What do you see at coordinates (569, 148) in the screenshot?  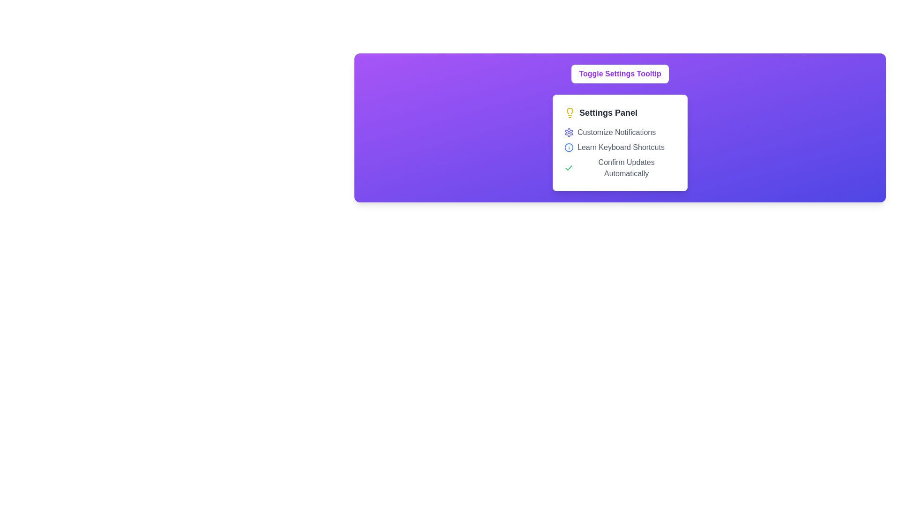 I see `central circular decorative graphic element of the 'info' icon located to the left of the 'Settings Panel' heading` at bounding box center [569, 148].